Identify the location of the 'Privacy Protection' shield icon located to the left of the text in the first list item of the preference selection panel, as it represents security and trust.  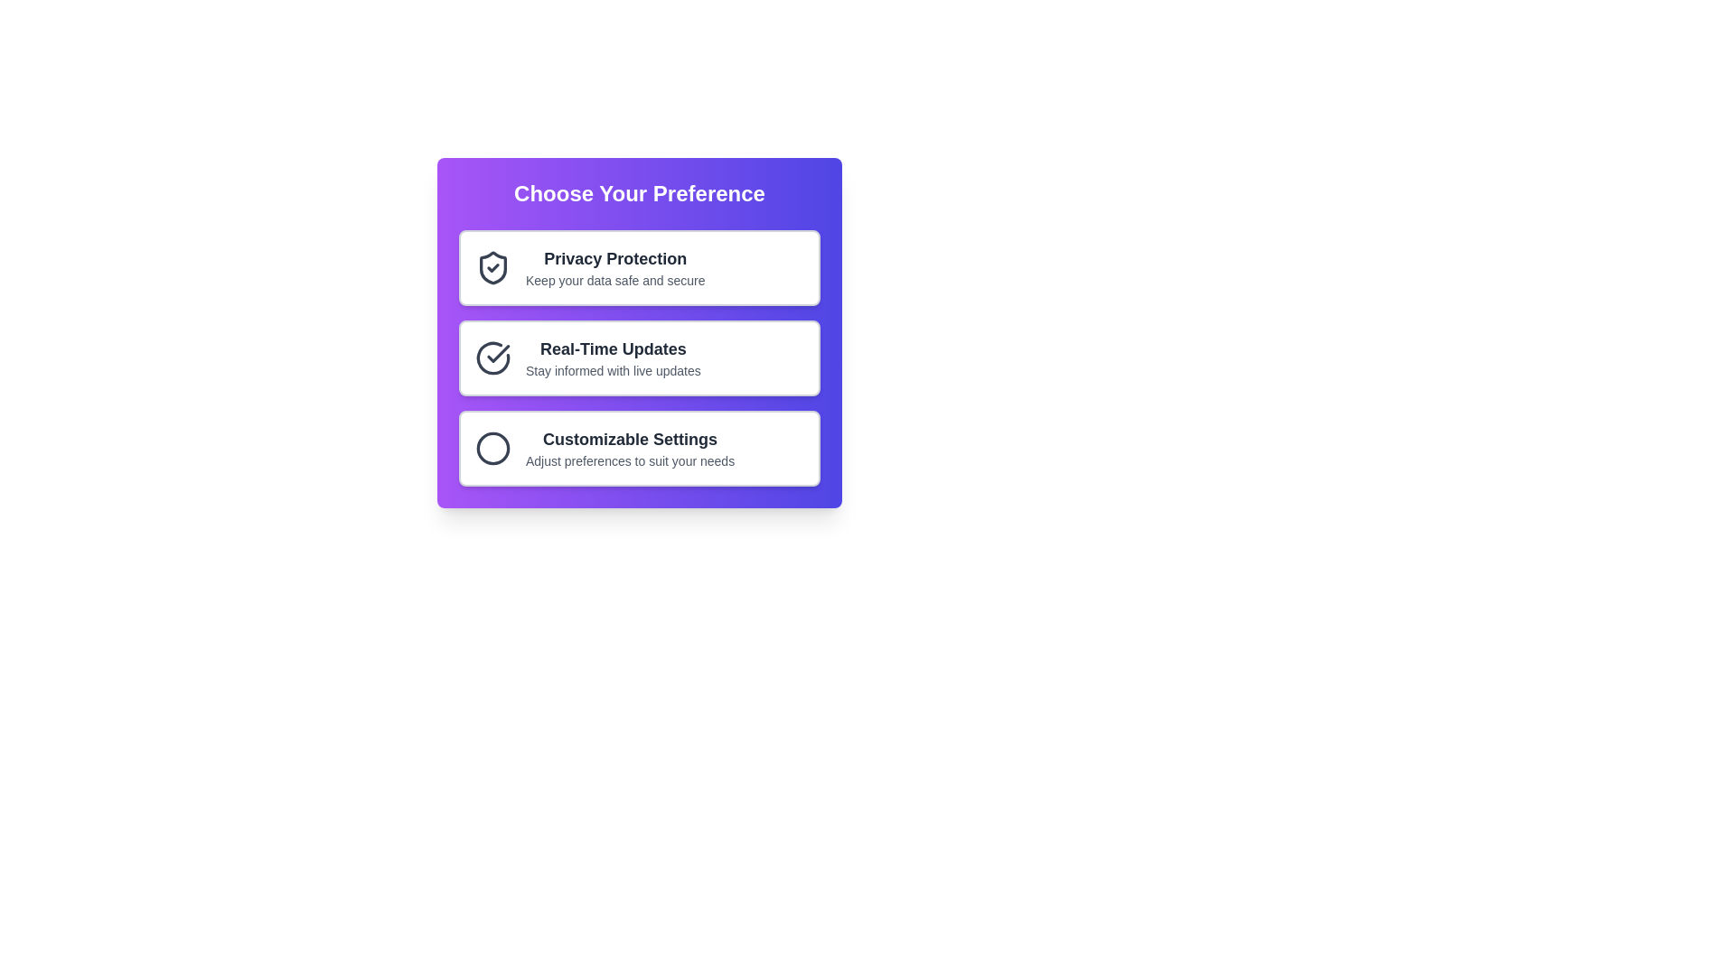
(493, 268).